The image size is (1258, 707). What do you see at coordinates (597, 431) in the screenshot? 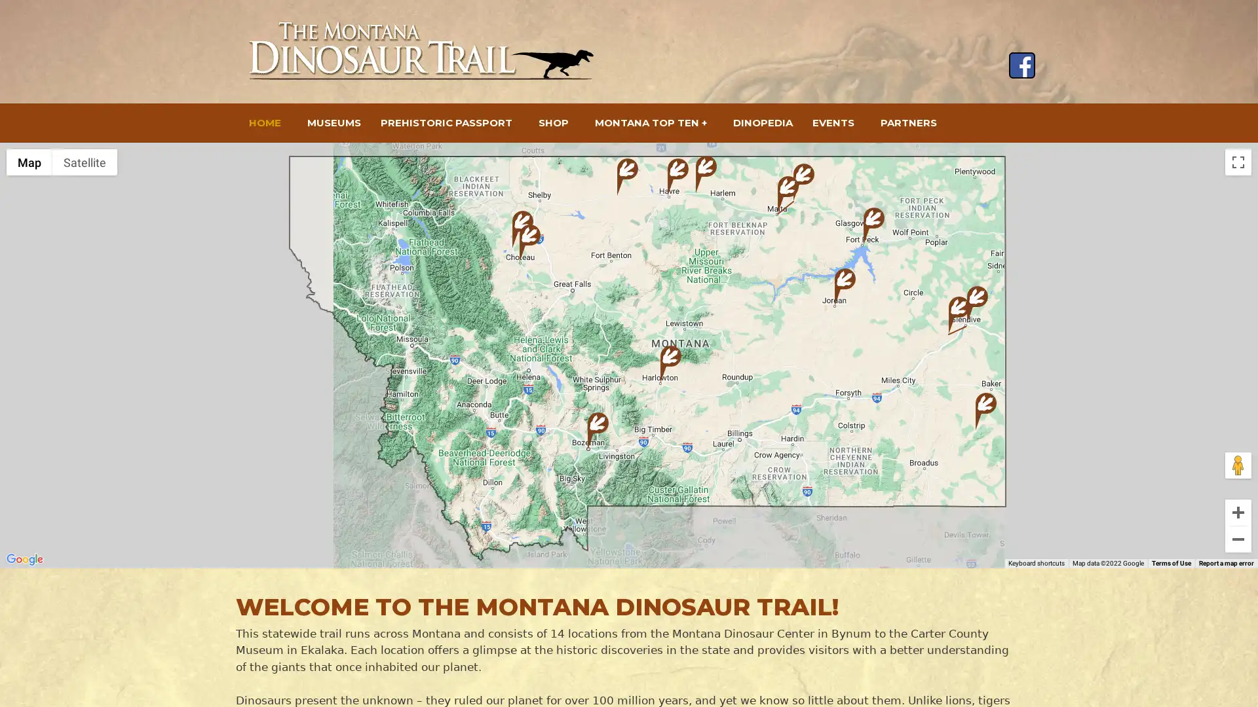
I see `Museum of the Rockies` at bounding box center [597, 431].